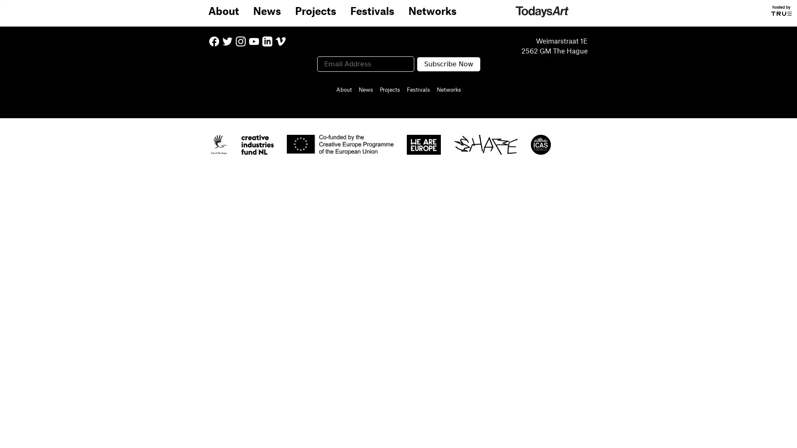 The height and width of the screenshot is (448, 797). I want to click on Subscribe Now, so click(448, 63).